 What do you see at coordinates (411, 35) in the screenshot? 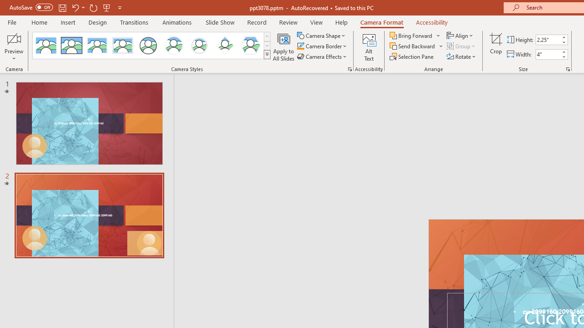
I see `'Bring Forward'` at bounding box center [411, 35].